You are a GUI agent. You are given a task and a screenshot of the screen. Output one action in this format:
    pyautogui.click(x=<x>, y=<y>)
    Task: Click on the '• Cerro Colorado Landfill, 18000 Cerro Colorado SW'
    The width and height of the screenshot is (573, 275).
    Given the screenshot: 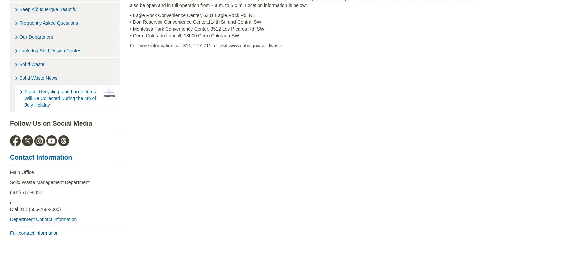 What is the action you would take?
    pyautogui.click(x=130, y=35)
    